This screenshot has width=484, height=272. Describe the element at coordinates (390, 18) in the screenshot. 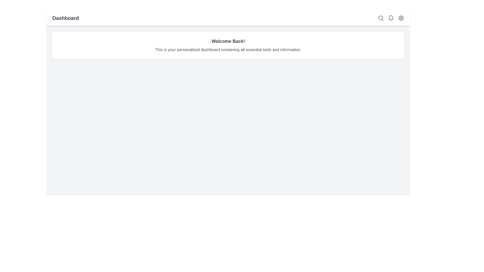

I see `the notifications bell icon, which is the second item in a sequence of three horizontally aligned icons at the far right end of the top navigation bar` at that location.